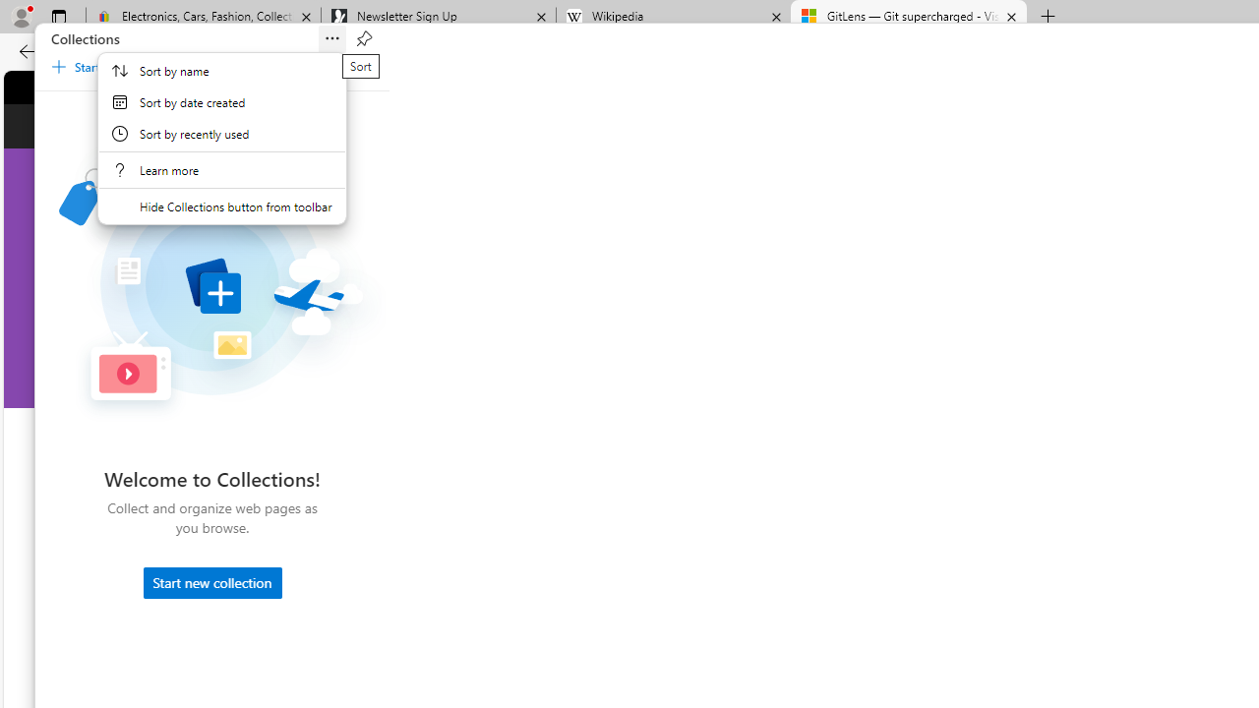  Describe the element at coordinates (221, 138) in the screenshot. I see `'Context'` at that location.